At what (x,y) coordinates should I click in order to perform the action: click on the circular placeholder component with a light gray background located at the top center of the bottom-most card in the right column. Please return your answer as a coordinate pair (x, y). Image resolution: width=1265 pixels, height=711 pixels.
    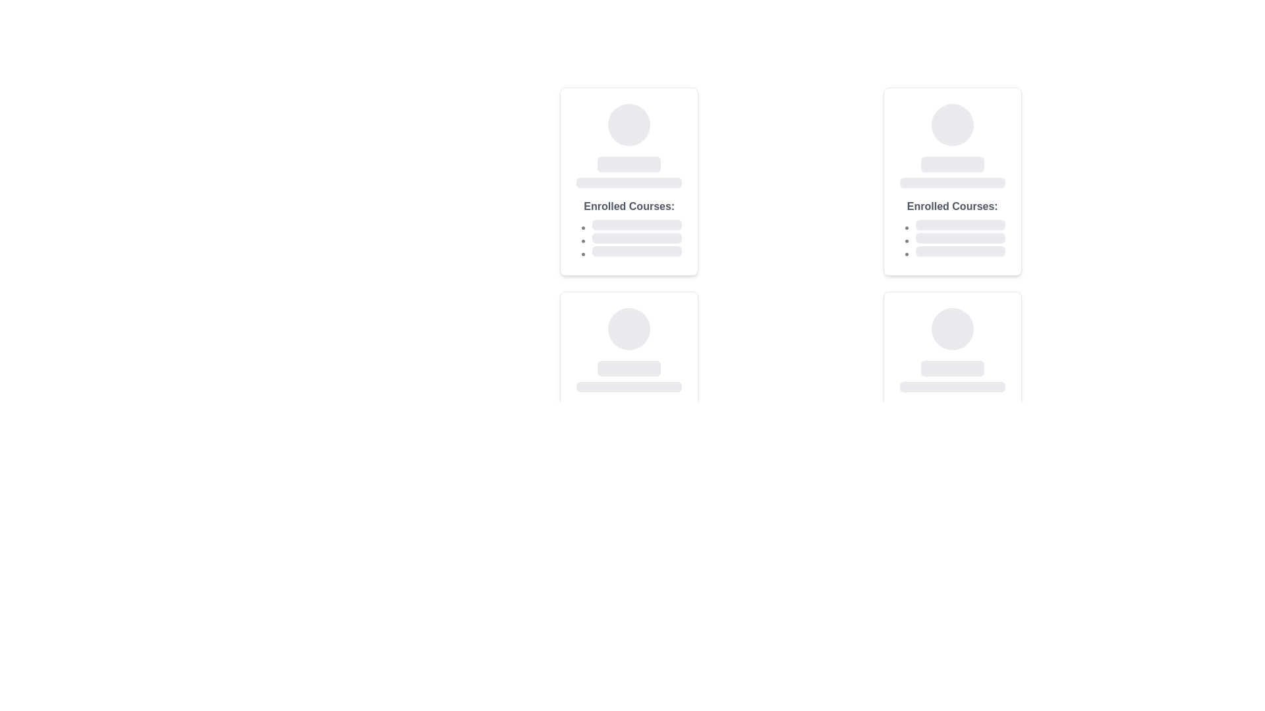
    Looking at the image, I should click on (952, 329).